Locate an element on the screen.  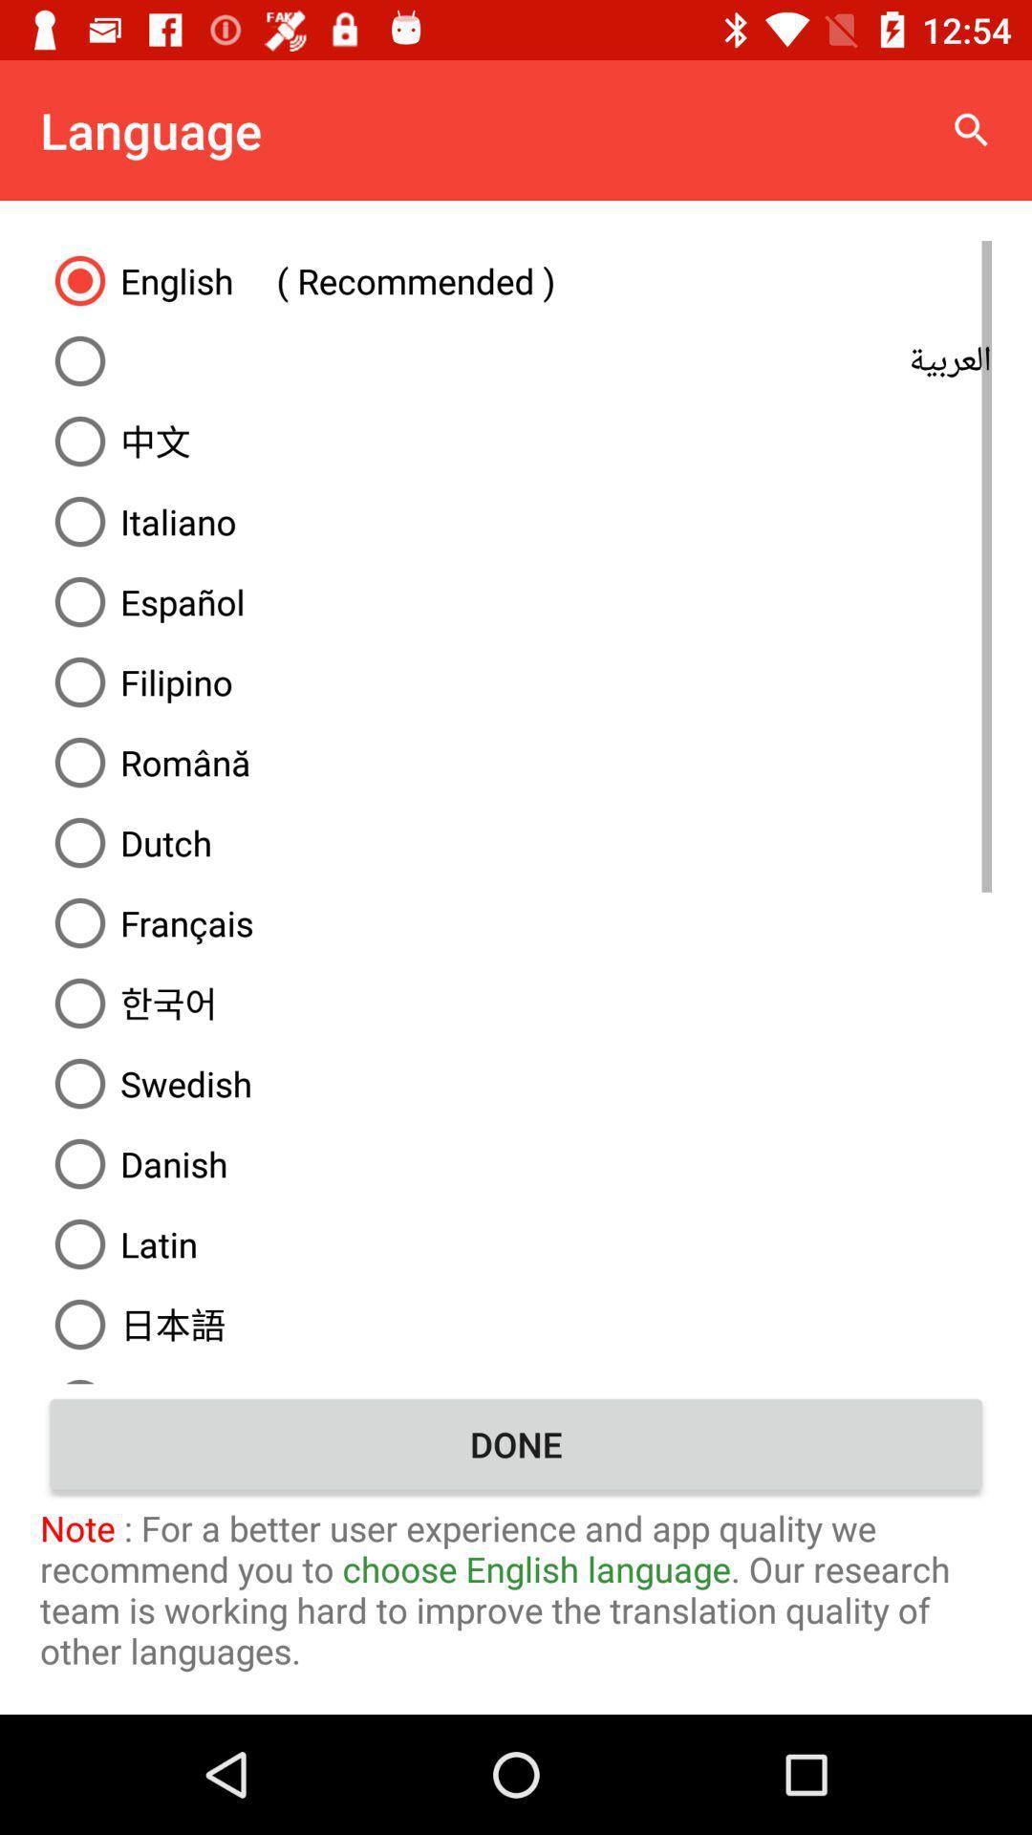
icon above latin item is located at coordinates (516, 1163).